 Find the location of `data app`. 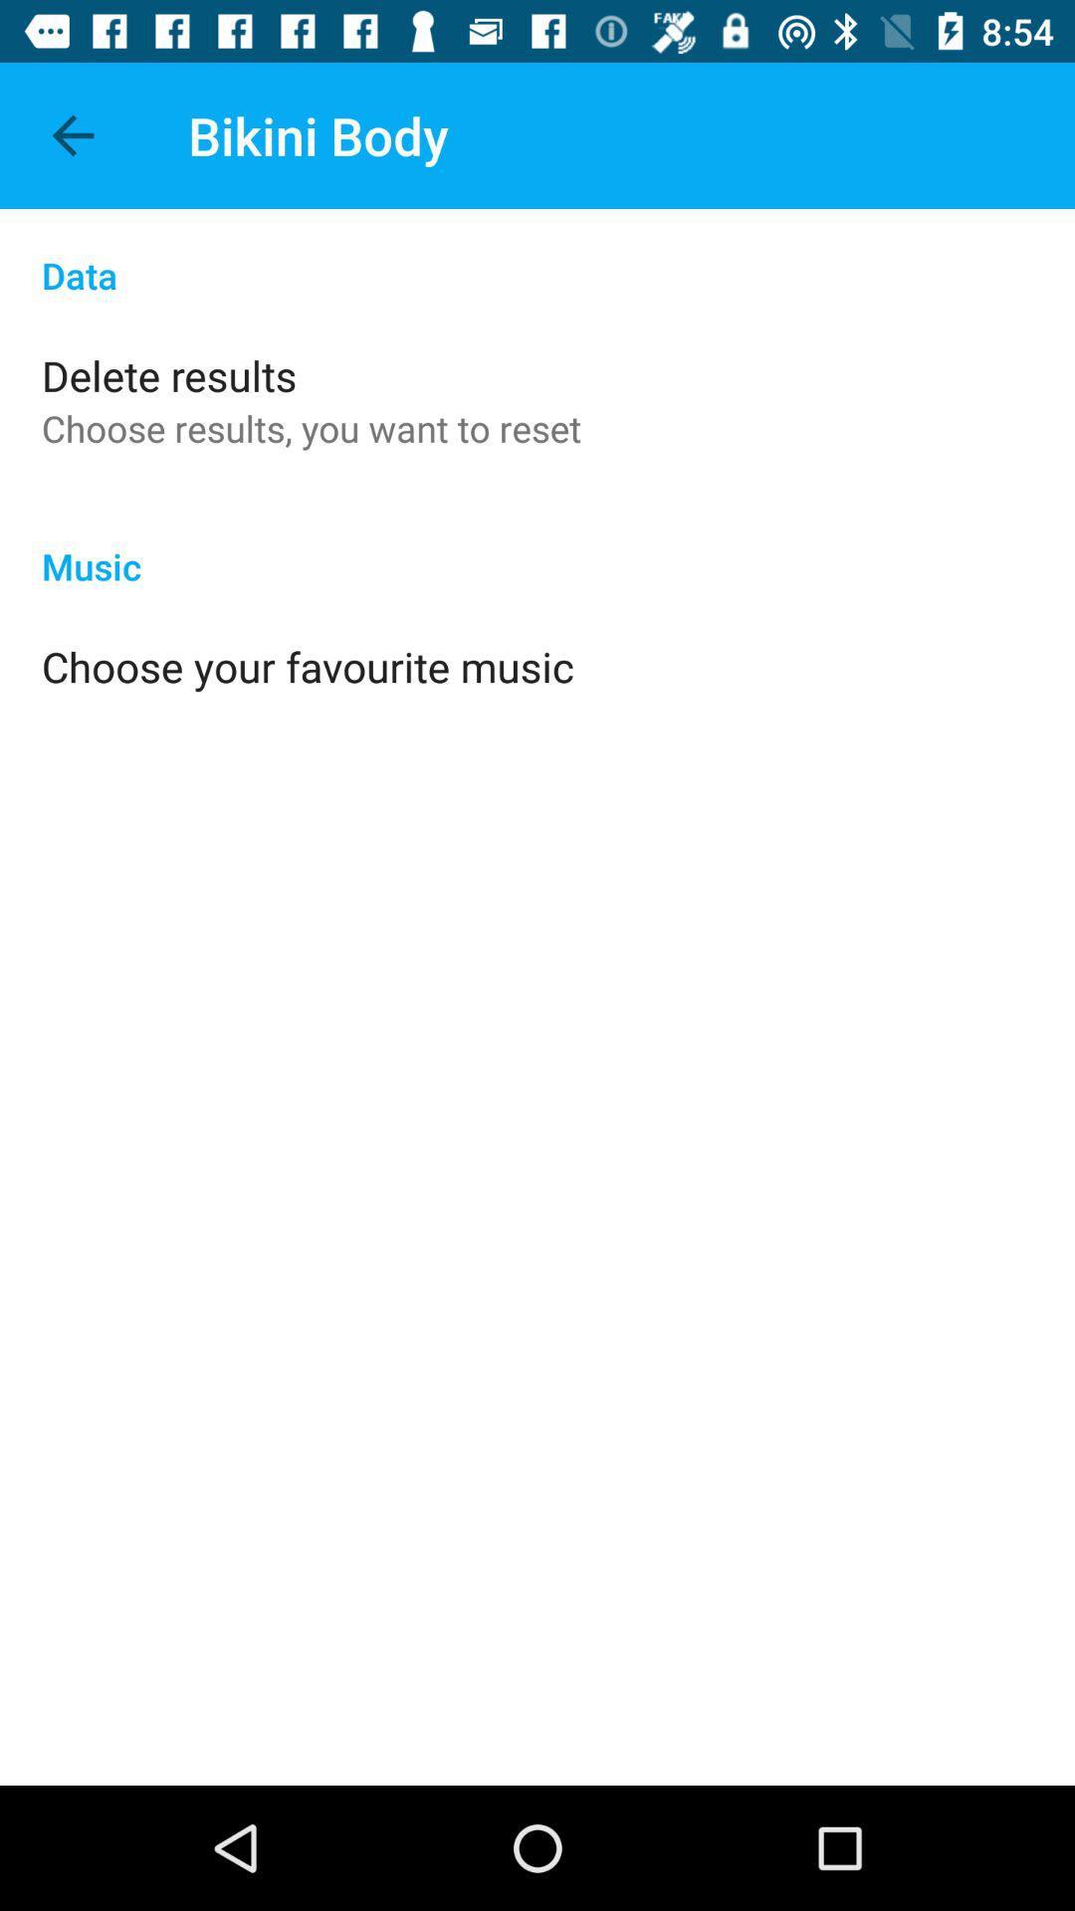

data app is located at coordinates (537, 253).